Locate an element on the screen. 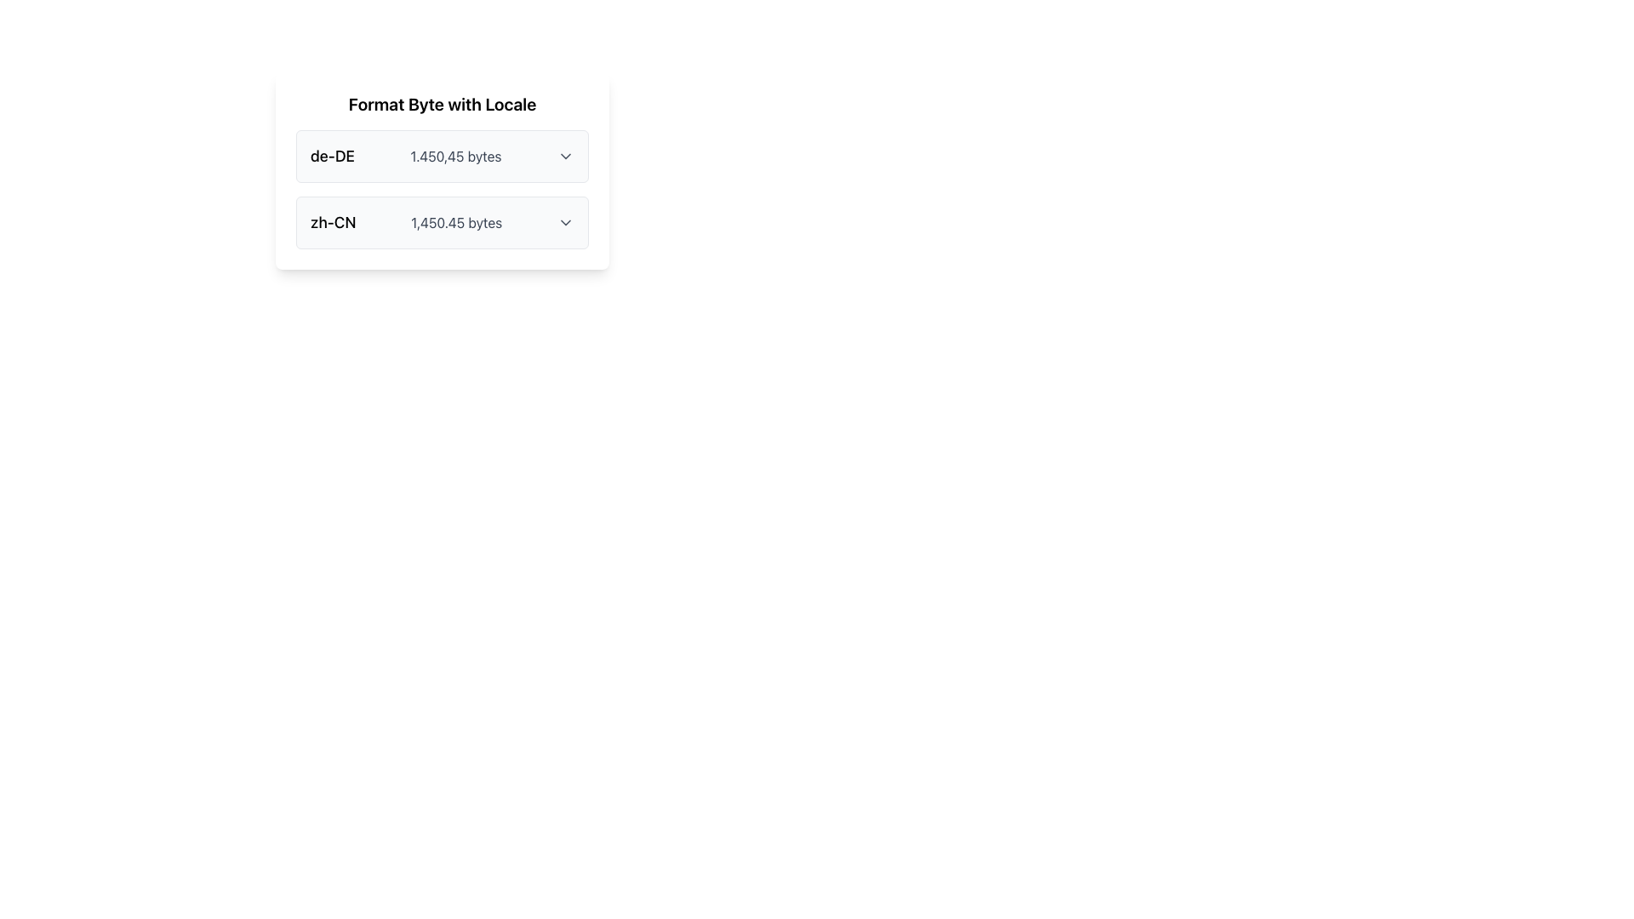  the downward-pointing Chevron icon is located at coordinates (565, 222).